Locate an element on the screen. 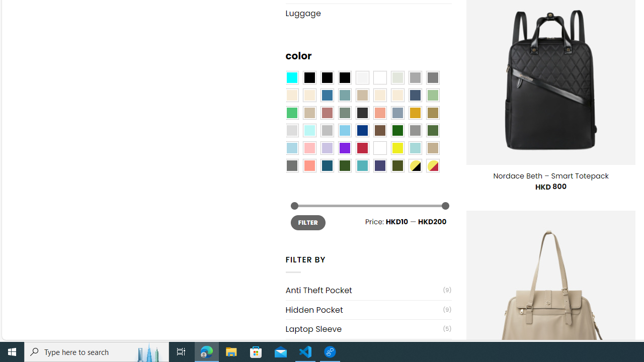  'Purple' is located at coordinates (344, 148).